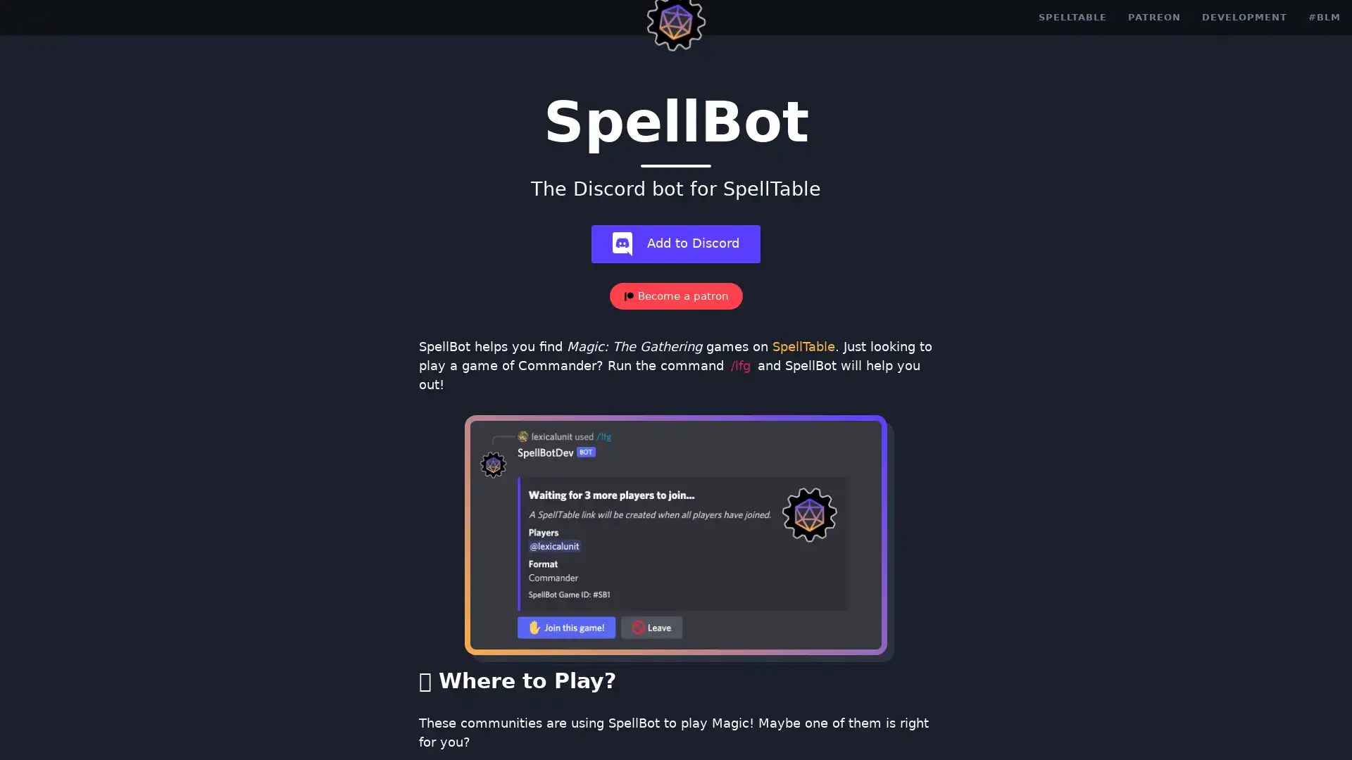  What do you see at coordinates (676, 243) in the screenshot?
I see `add-bot Add to Discord` at bounding box center [676, 243].